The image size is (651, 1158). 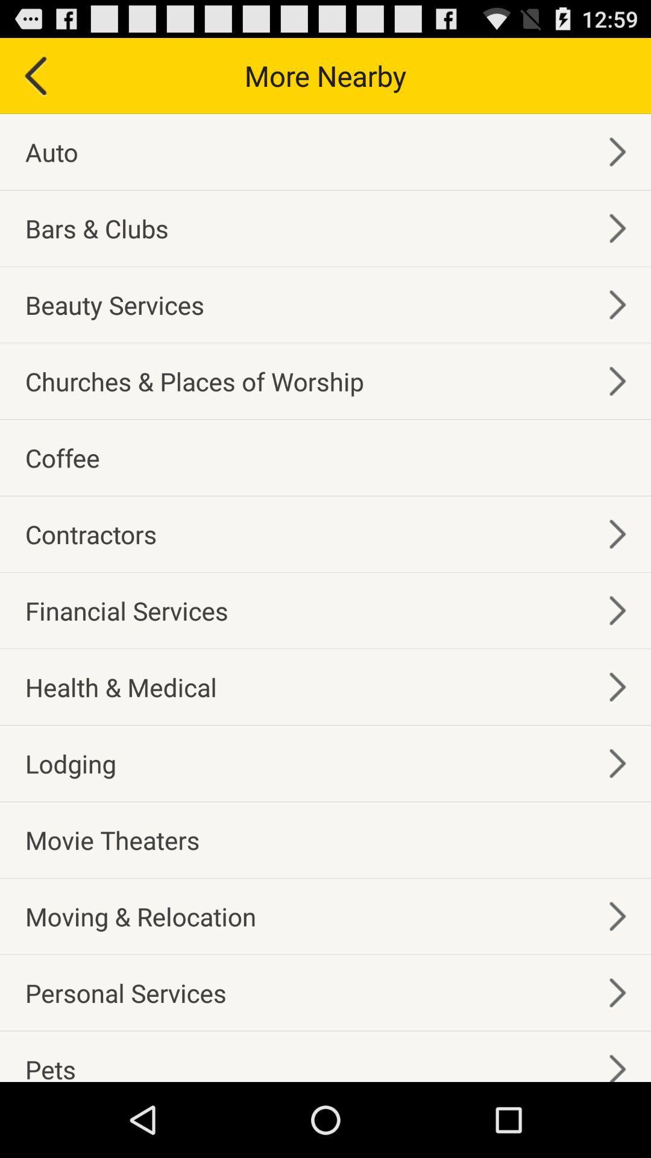 What do you see at coordinates (121, 687) in the screenshot?
I see `the health & medical icon` at bounding box center [121, 687].